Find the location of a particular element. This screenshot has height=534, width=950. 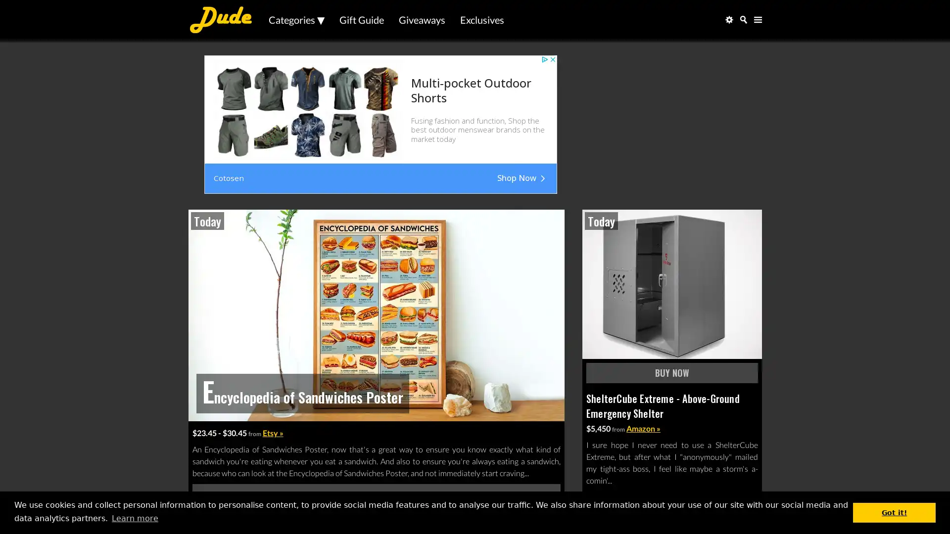

learn more about cookies is located at coordinates (134, 518).